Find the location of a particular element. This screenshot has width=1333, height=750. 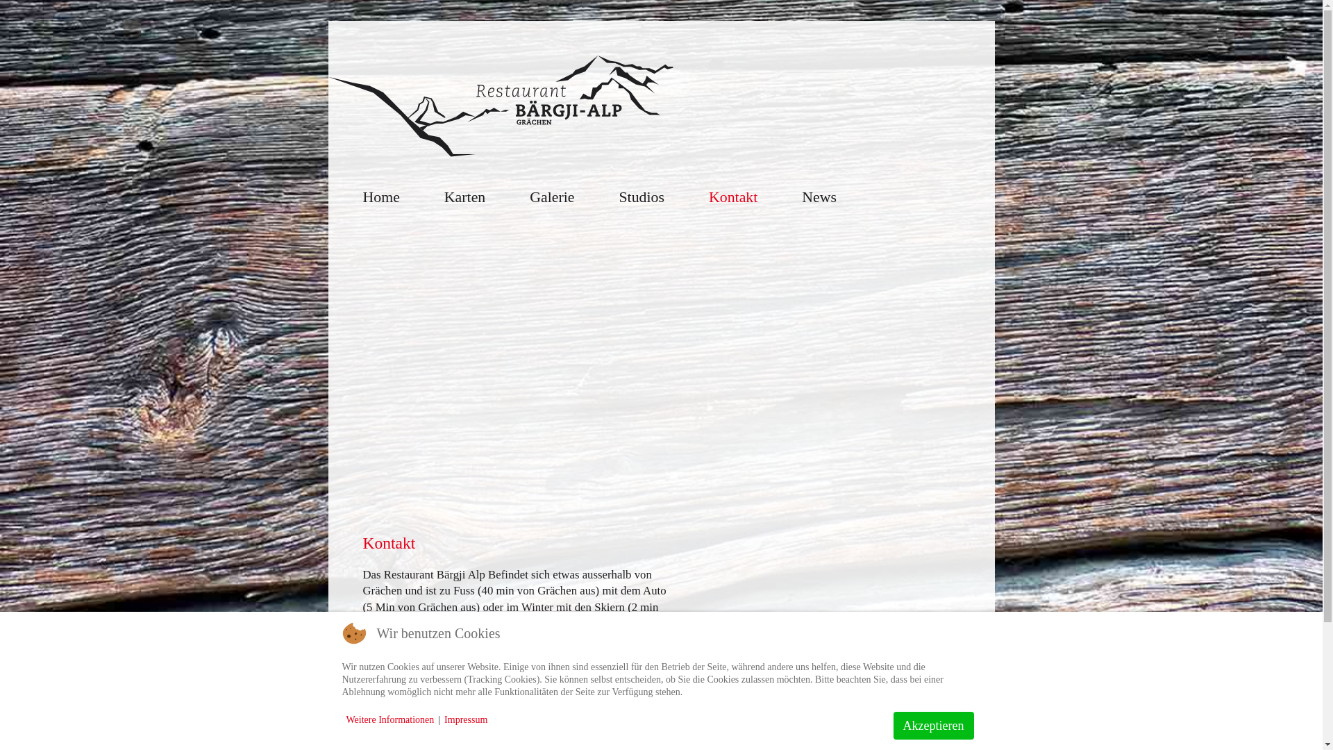

'News' is located at coordinates (819, 197).